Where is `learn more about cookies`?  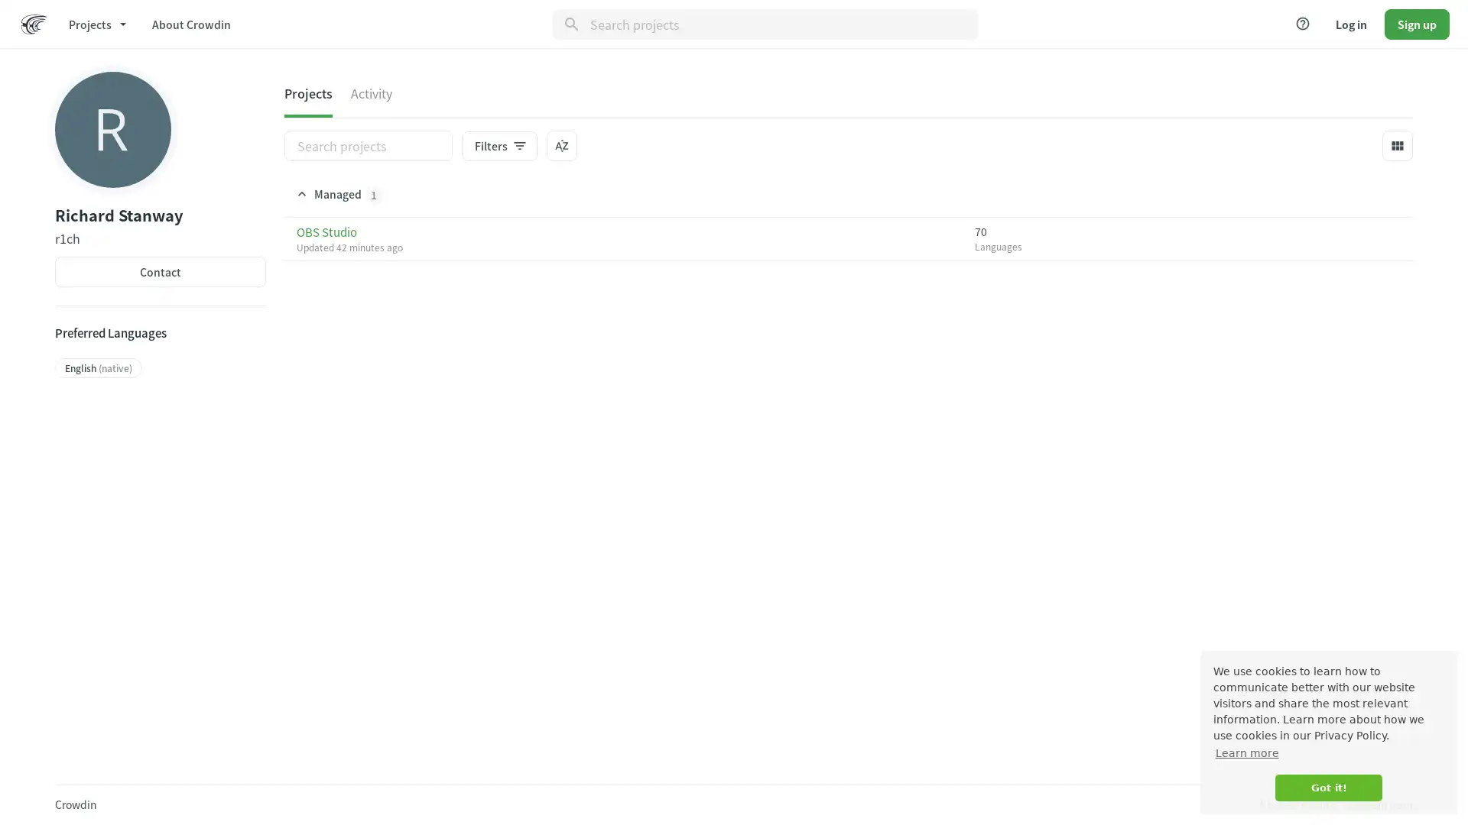
learn more about cookies is located at coordinates (1246, 752).